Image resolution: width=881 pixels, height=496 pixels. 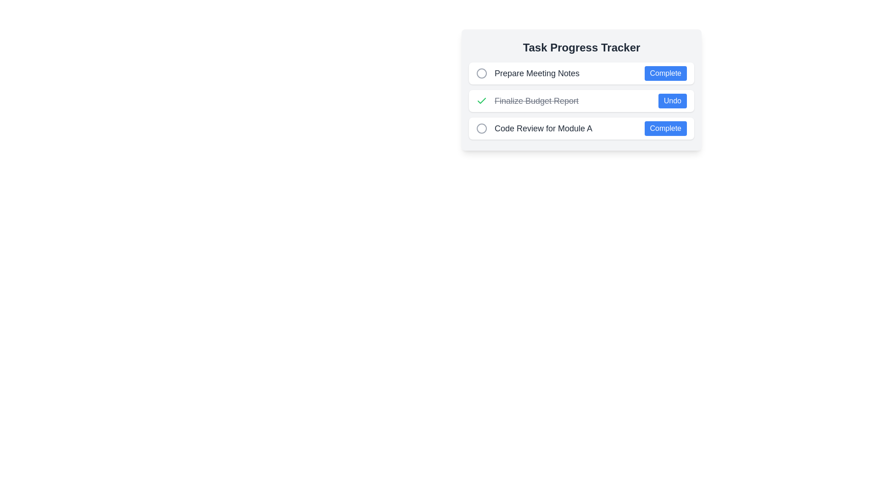 I want to click on the Text Label displaying 'Finalize Budget Report' with a strikethrough style, indicating its completion, so click(x=527, y=101).